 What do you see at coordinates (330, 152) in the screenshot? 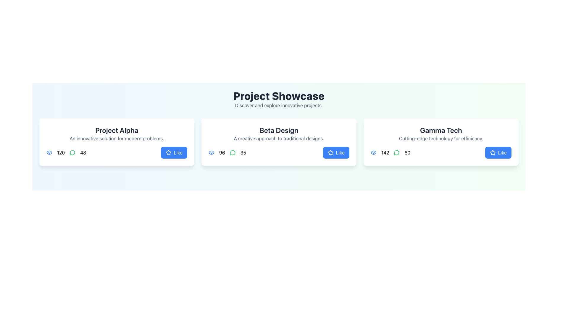
I see `the 'Like' icon located in the bottom right corner of the middle card under the 'Beta Design' section` at bounding box center [330, 152].